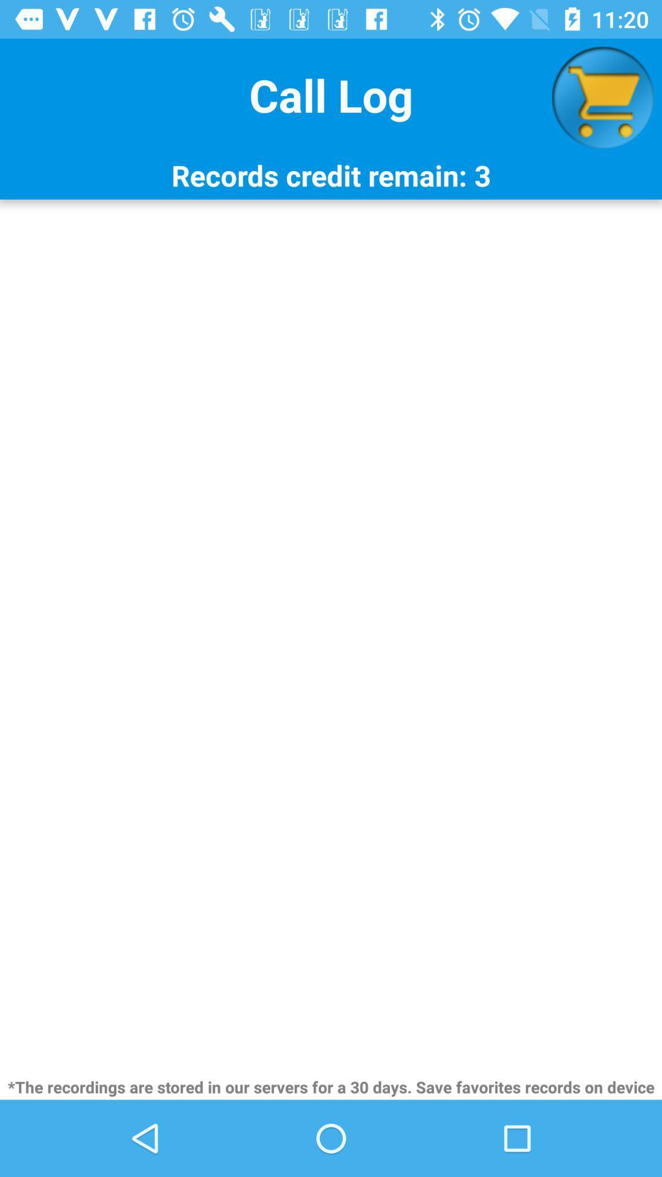 The height and width of the screenshot is (1177, 662). I want to click on icon above the the recordings are icon, so click(331, 637).